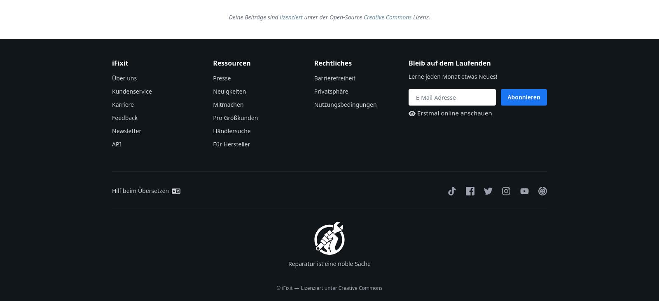  Describe the element at coordinates (235, 118) in the screenshot. I see `'Pro Großkunden'` at that location.